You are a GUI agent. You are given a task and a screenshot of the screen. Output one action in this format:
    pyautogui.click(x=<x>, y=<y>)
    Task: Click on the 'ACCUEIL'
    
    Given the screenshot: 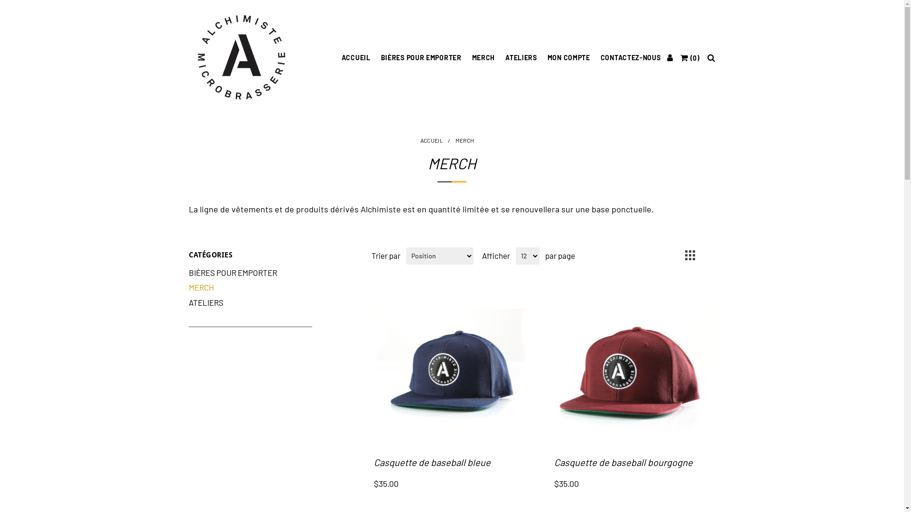 What is the action you would take?
    pyautogui.click(x=431, y=140)
    